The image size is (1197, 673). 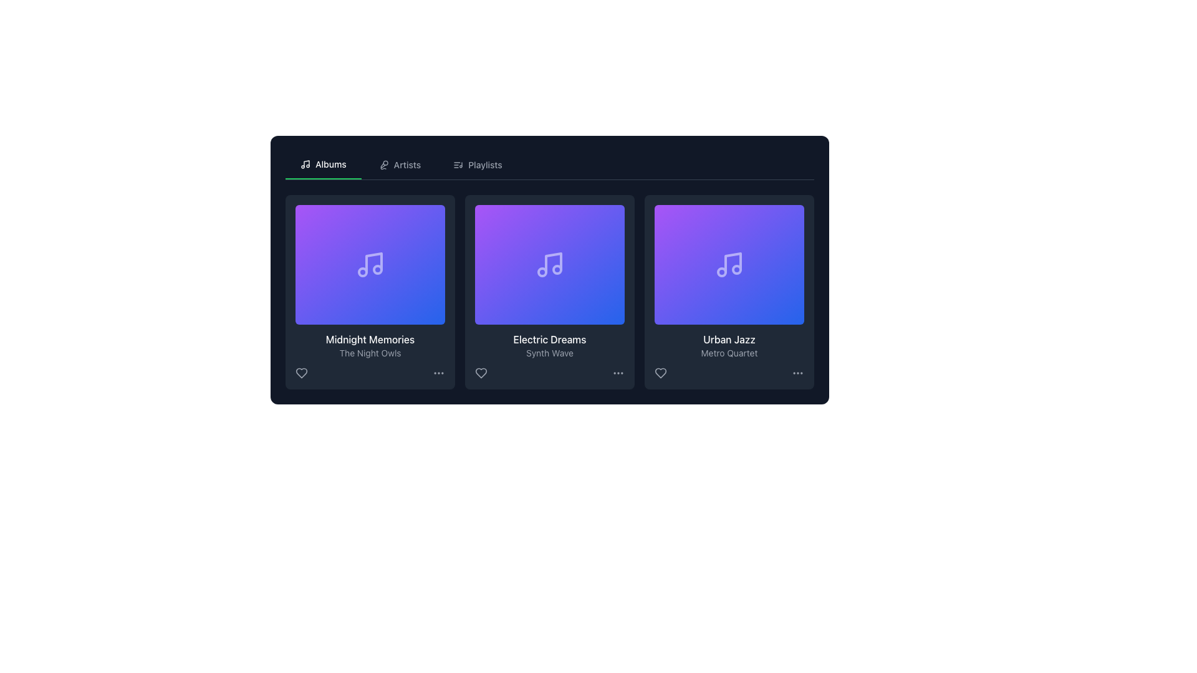 I want to click on the Label displaying 'Midnight Memories' and 'The Night Owls' located below a square graphic in the first card of a horizontal list, so click(x=370, y=346).